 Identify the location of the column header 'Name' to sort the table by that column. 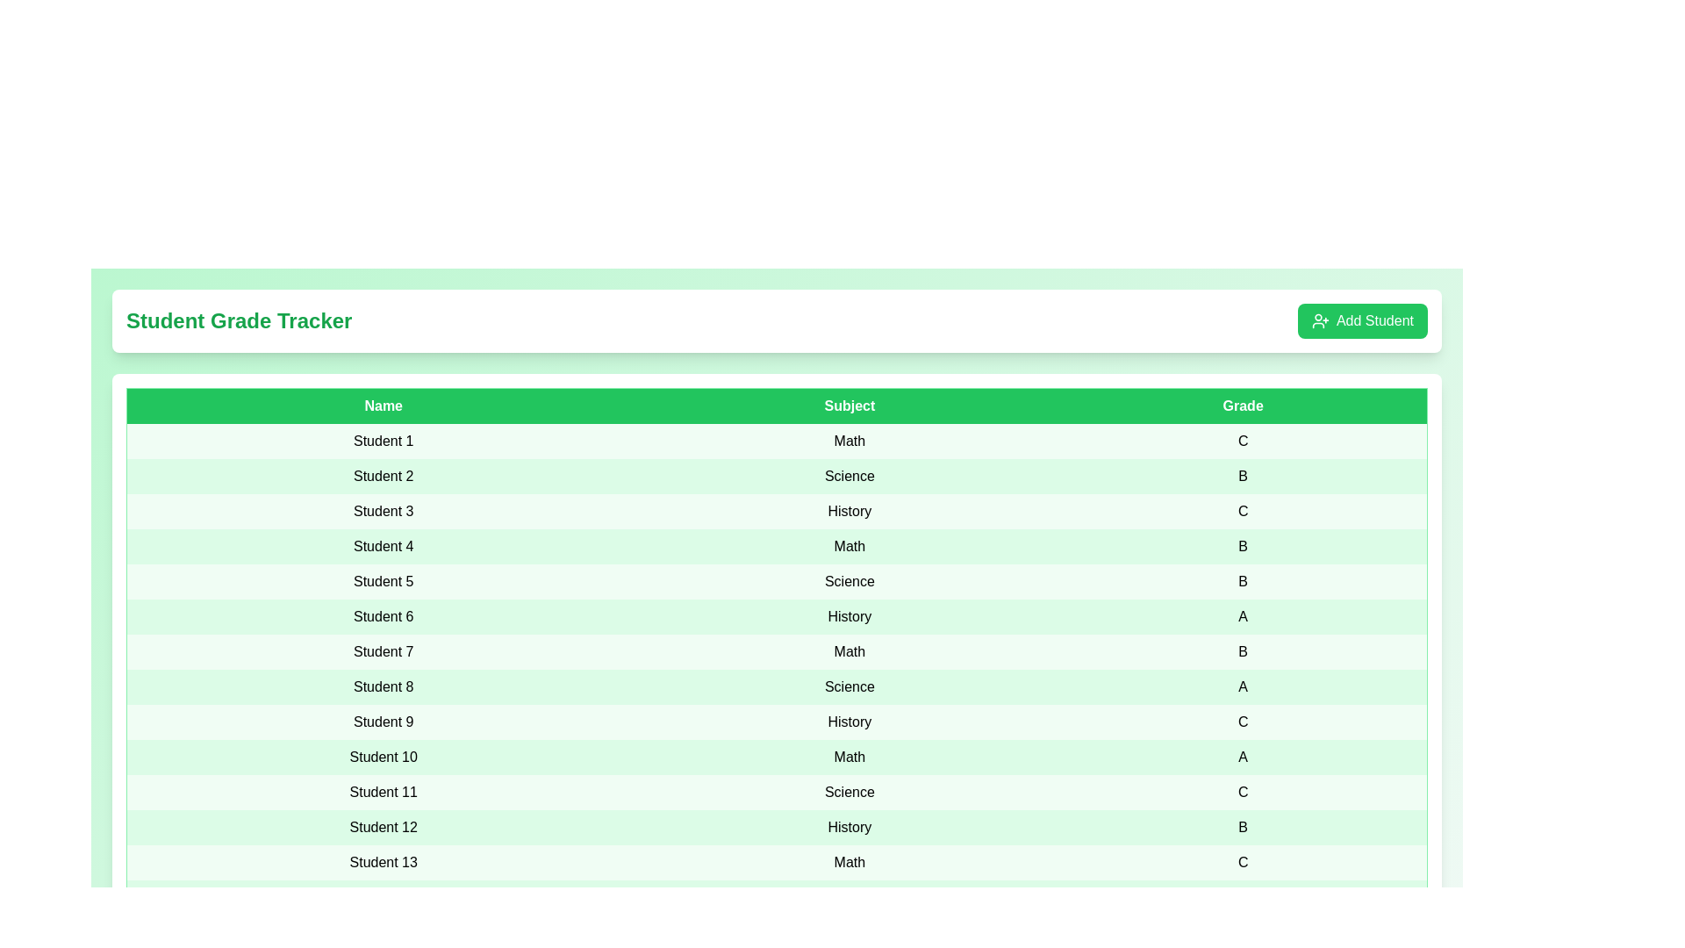
(382, 406).